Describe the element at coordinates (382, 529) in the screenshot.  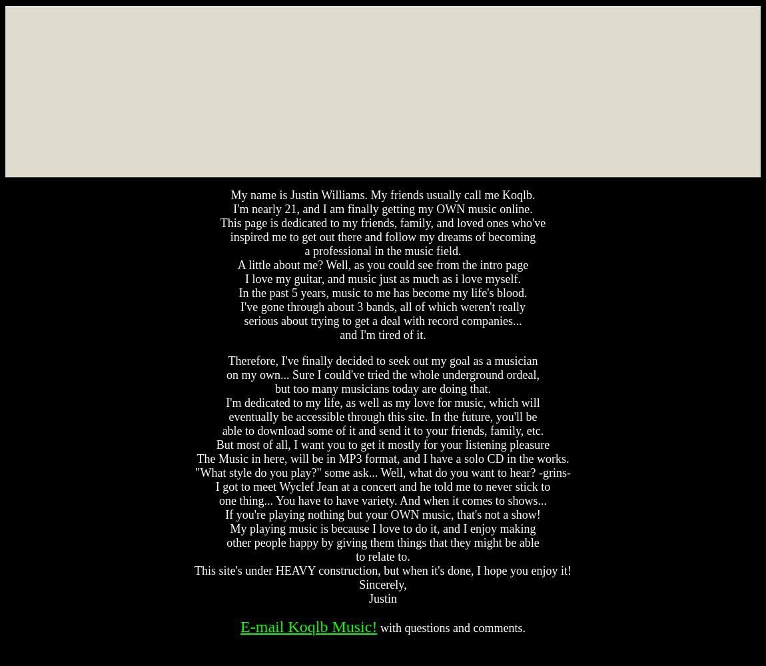
I see `'My playing music is because I love to do it, and I enjoy making'` at that location.